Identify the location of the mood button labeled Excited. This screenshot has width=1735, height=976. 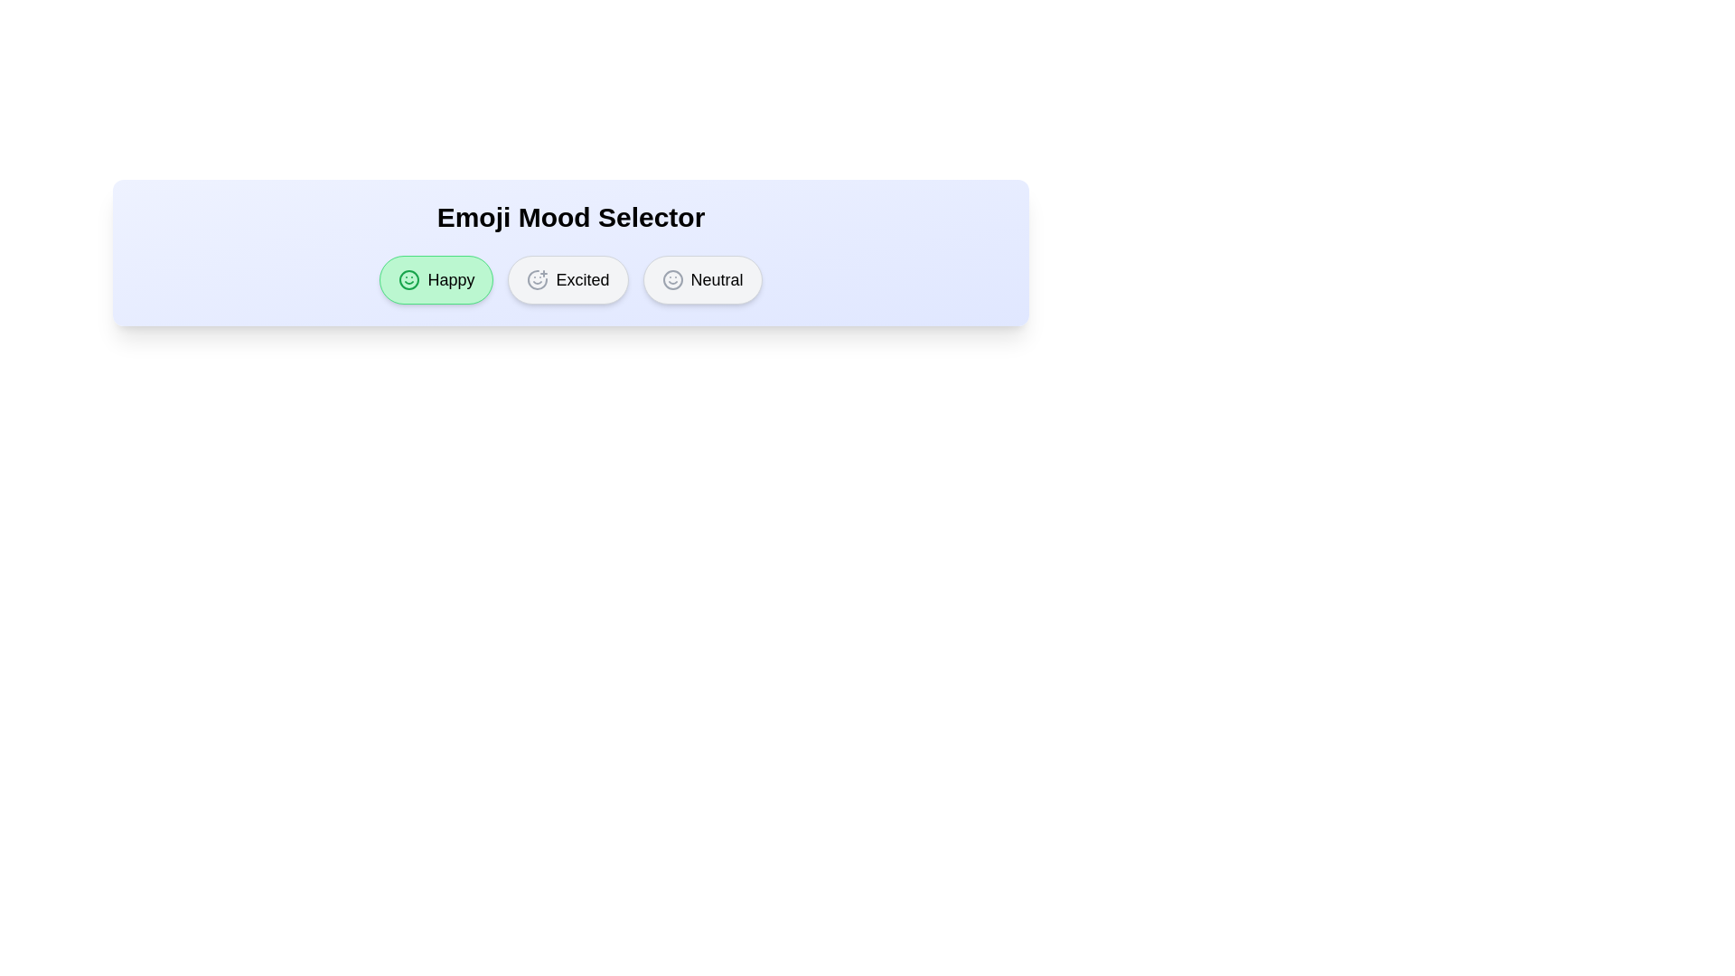
(567, 279).